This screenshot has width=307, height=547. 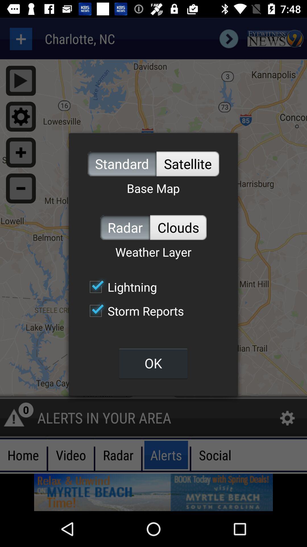 I want to click on satellite, so click(x=188, y=164).